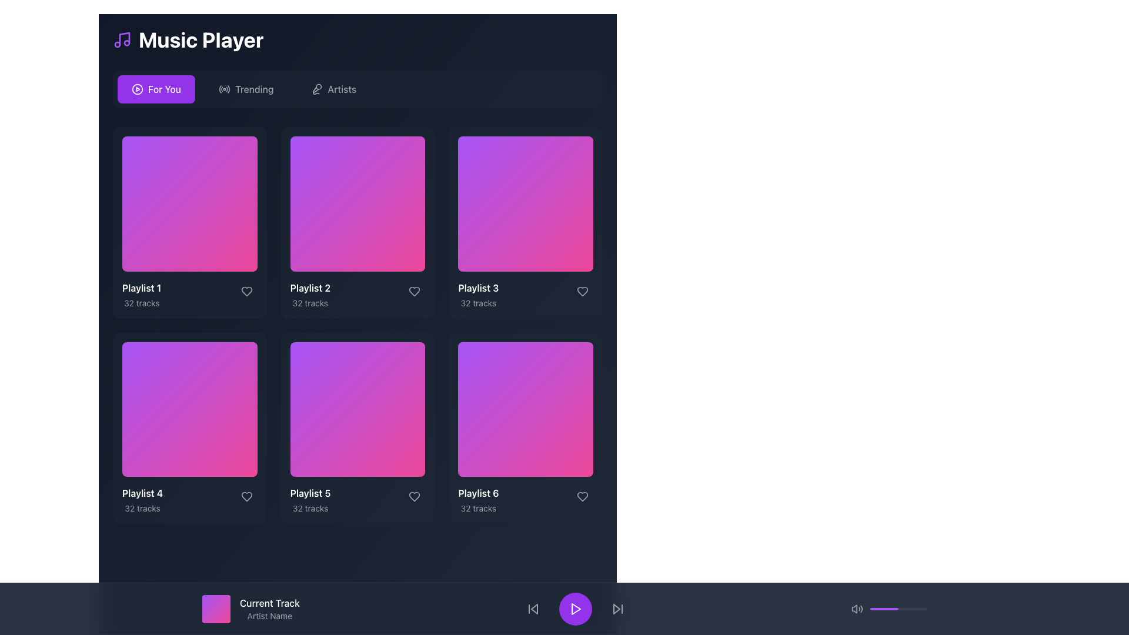  Describe the element at coordinates (415, 497) in the screenshot. I see `the second heart icon button in the bottom row` at that location.